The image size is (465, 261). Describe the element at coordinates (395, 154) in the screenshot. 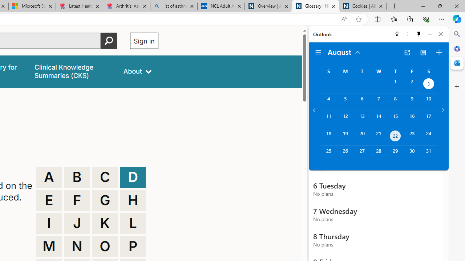

I see `'Thursday, August 29, 2024. '` at that location.